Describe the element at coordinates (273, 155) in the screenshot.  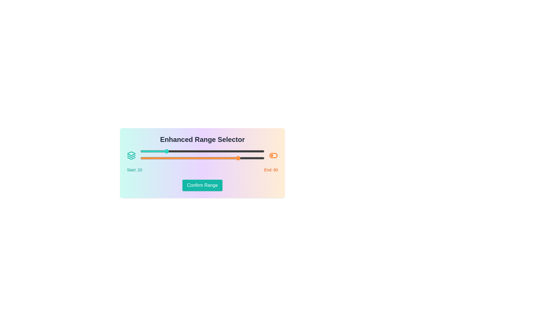
I see `the orange toggle switch located on the right side of the central interface frame` at that location.